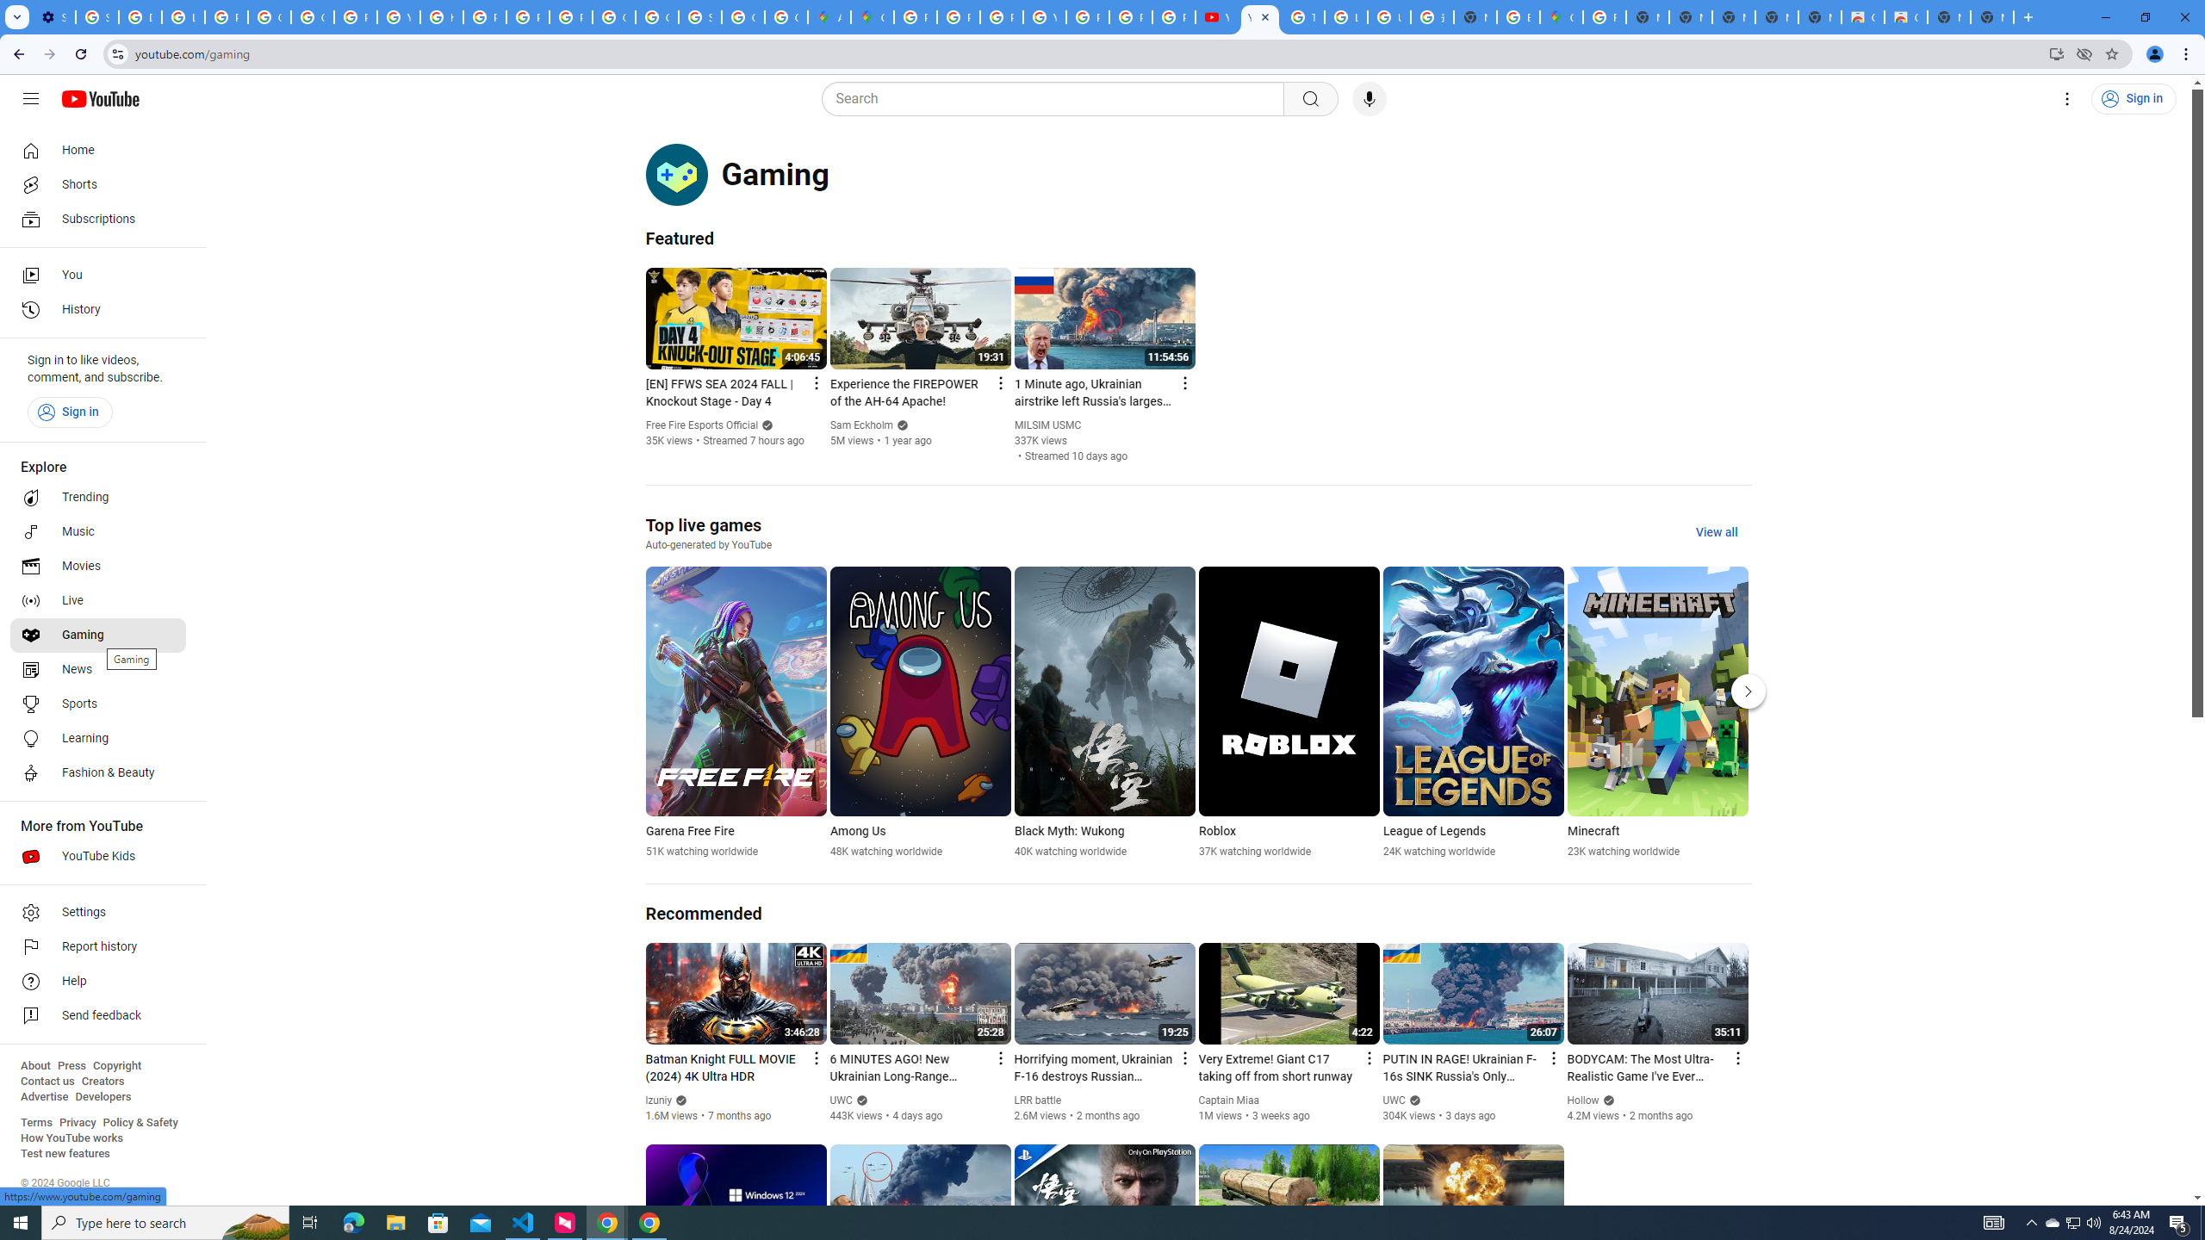 This screenshot has width=2205, height=1240. Describe the element at coordinates (1737, 1058) in the screenshot. I see `'Action menu'` at that location.